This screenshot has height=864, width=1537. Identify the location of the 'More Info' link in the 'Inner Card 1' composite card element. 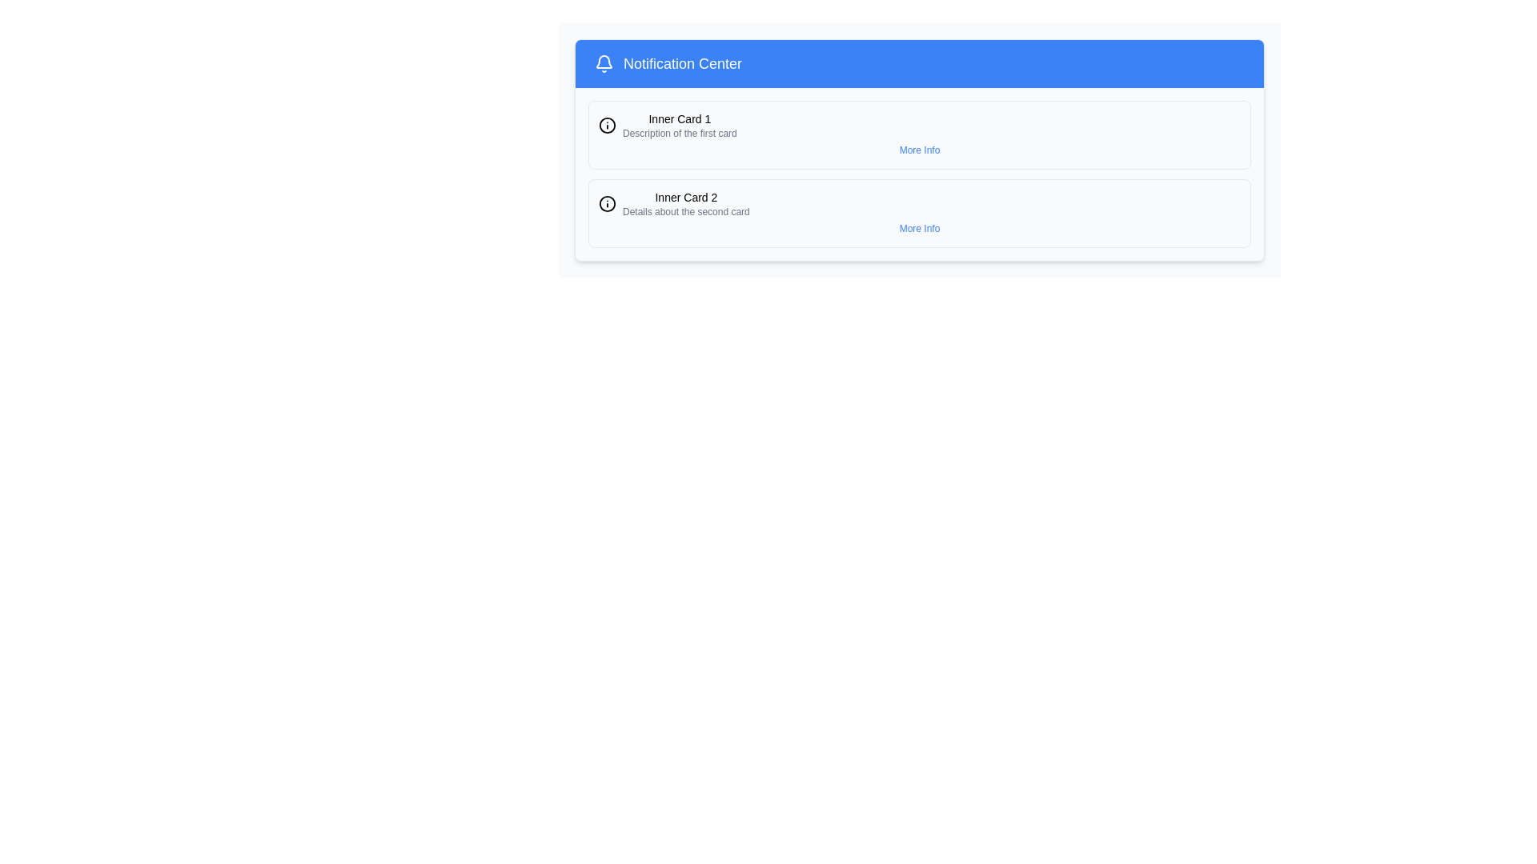
(919, 134).